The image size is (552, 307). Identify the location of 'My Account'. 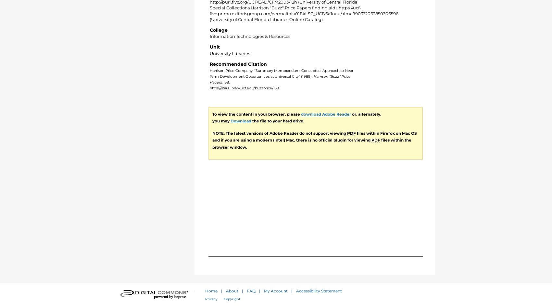
(275, 290).